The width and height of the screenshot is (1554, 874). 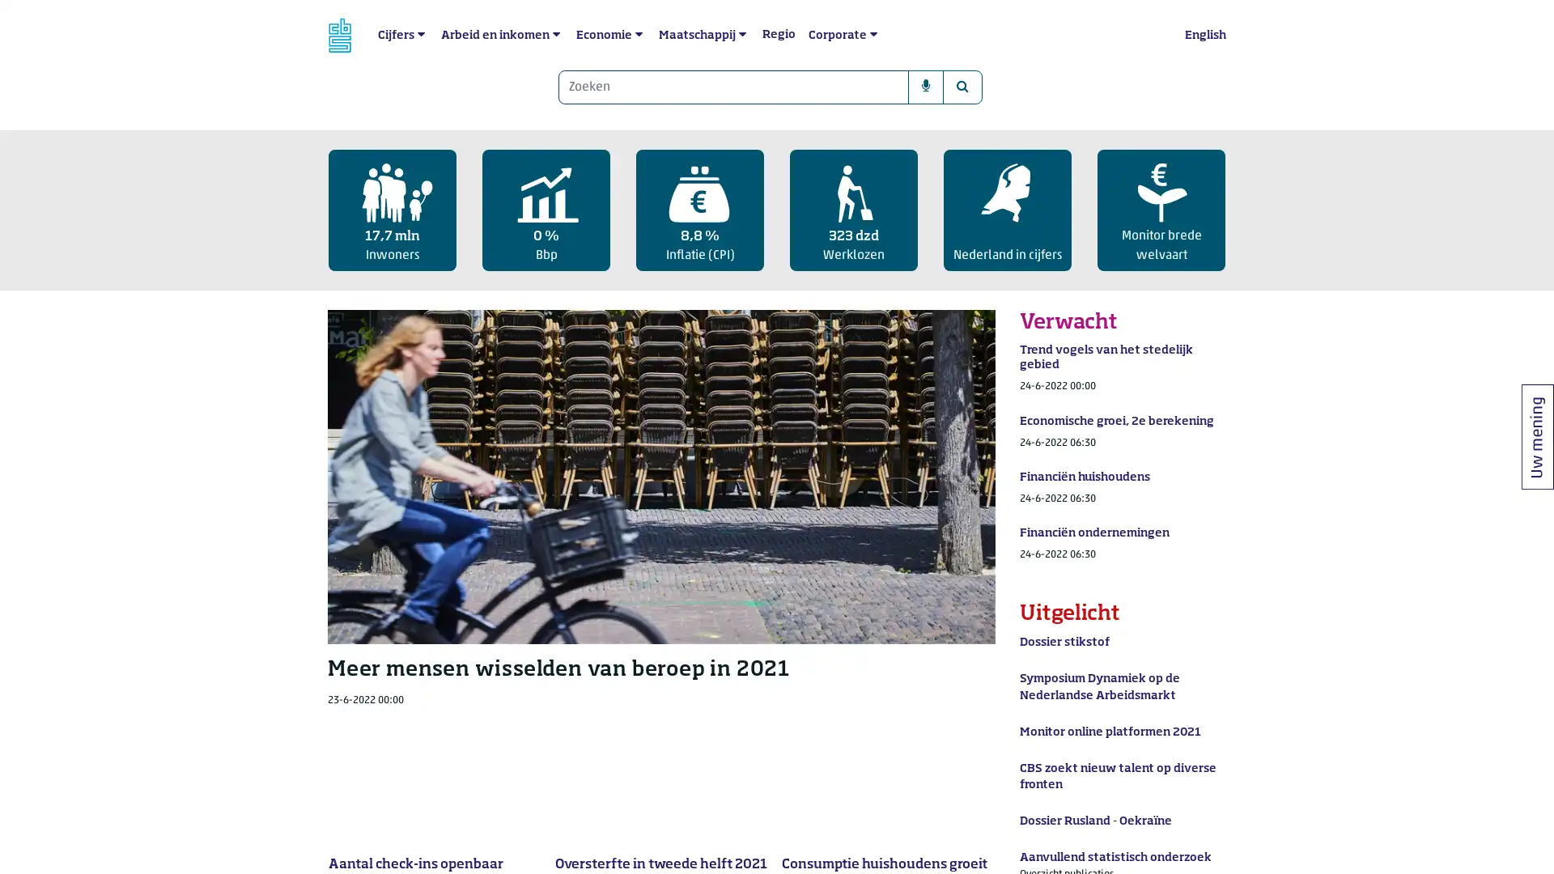 What do you see at coordinates (741, 34) in the screenshot?
I see `submenu Maatschappij` at bounding box center [741, 34].